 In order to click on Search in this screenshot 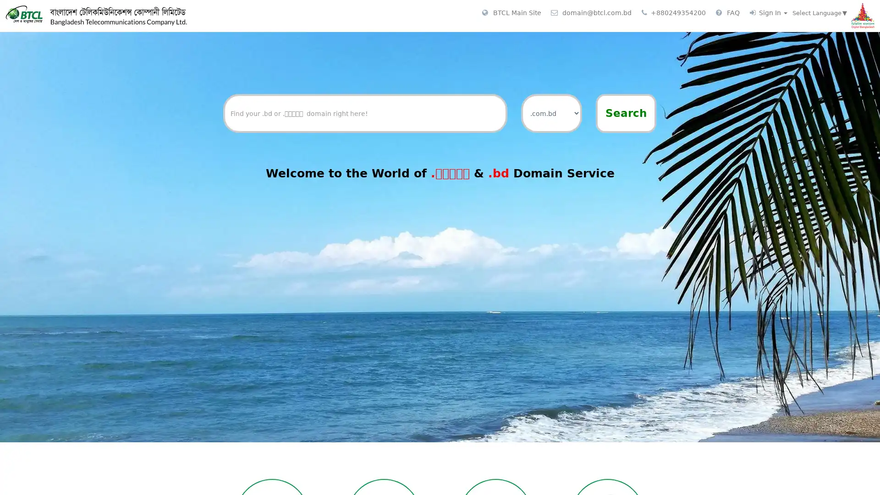, I will do `click(625, 113)`.